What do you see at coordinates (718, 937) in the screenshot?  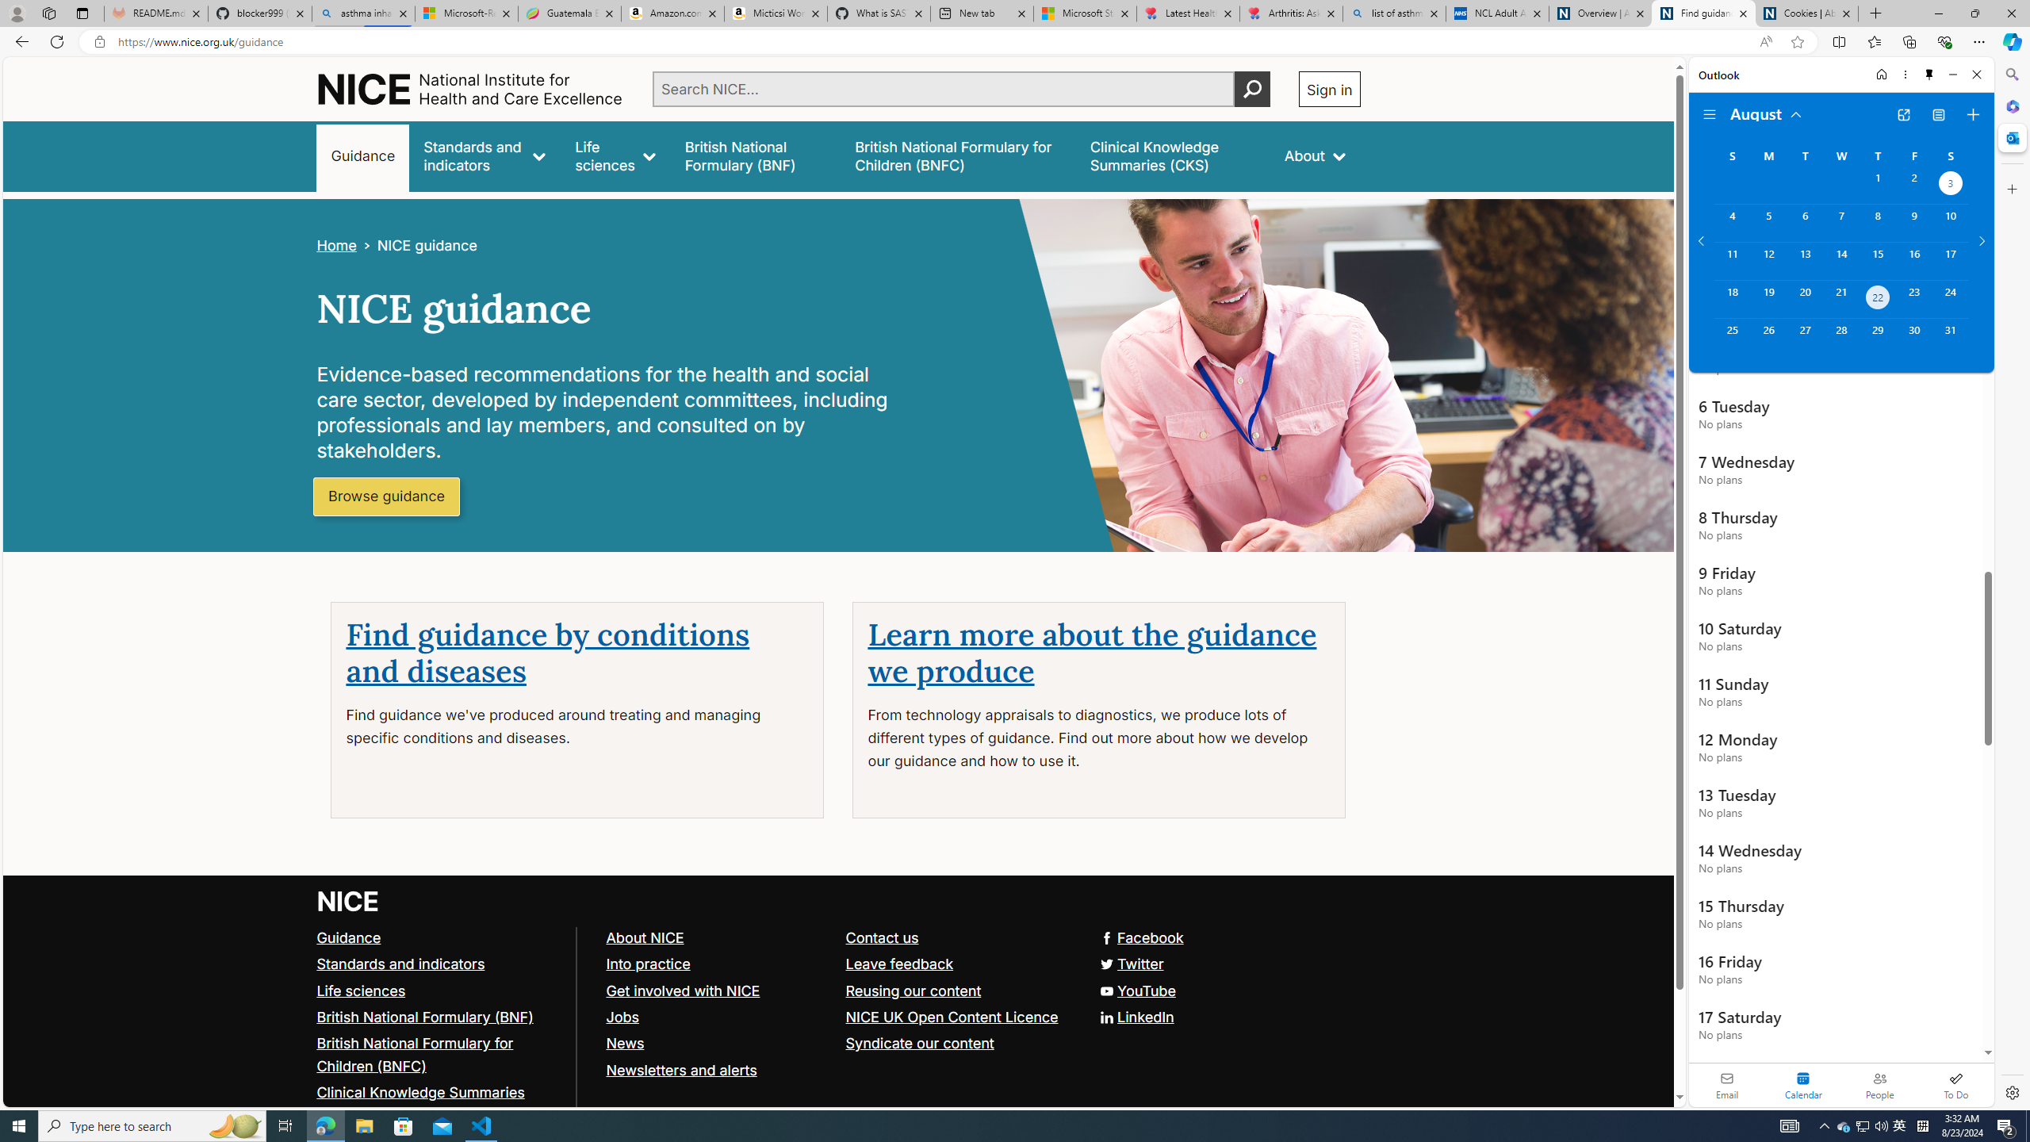 I see `'About NICE'` at bounding box center [718, 937].